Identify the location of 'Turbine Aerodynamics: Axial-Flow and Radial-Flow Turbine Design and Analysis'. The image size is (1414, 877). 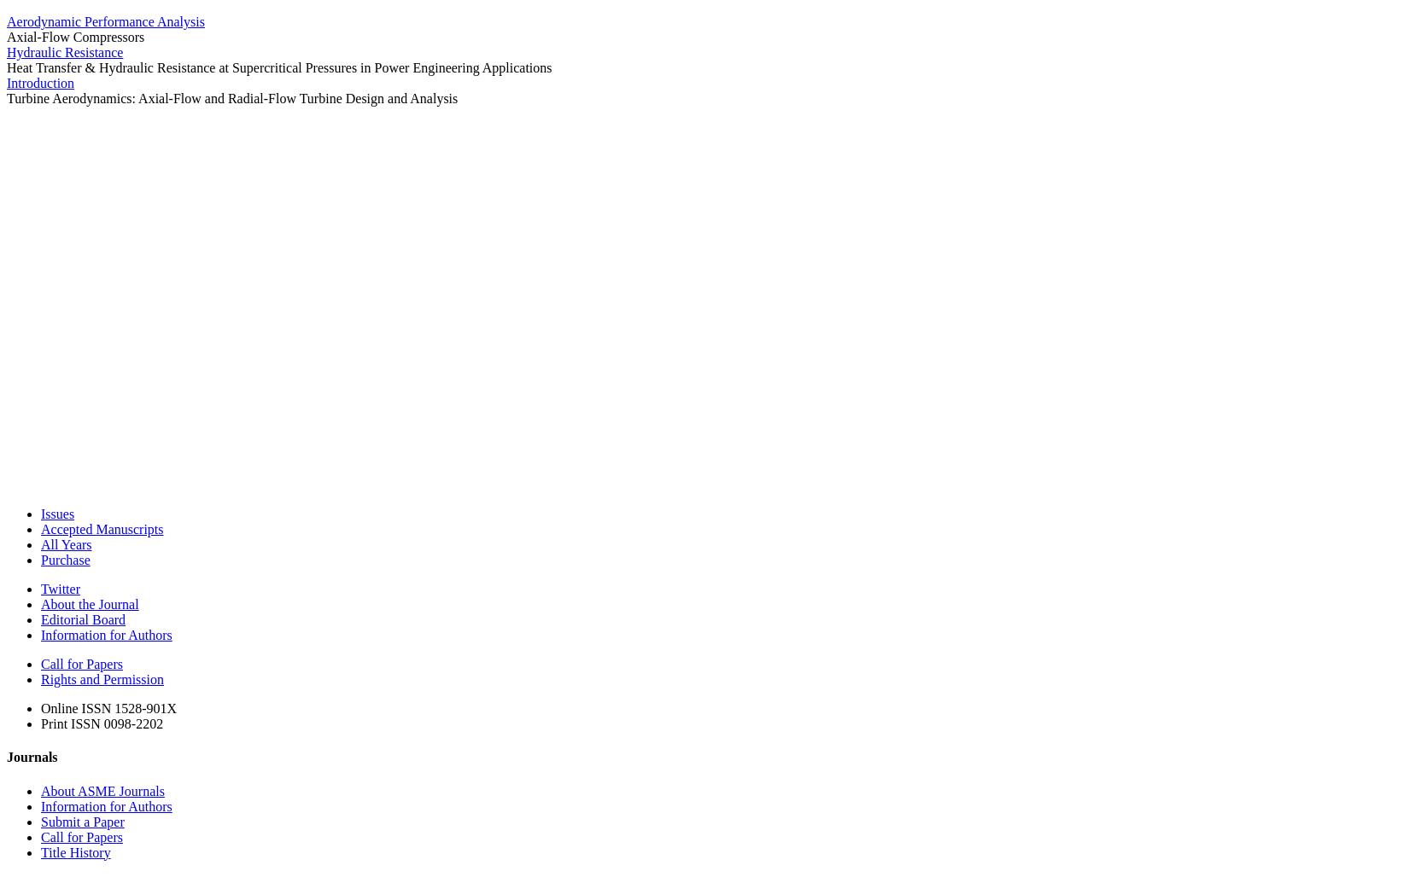
(232, 97).